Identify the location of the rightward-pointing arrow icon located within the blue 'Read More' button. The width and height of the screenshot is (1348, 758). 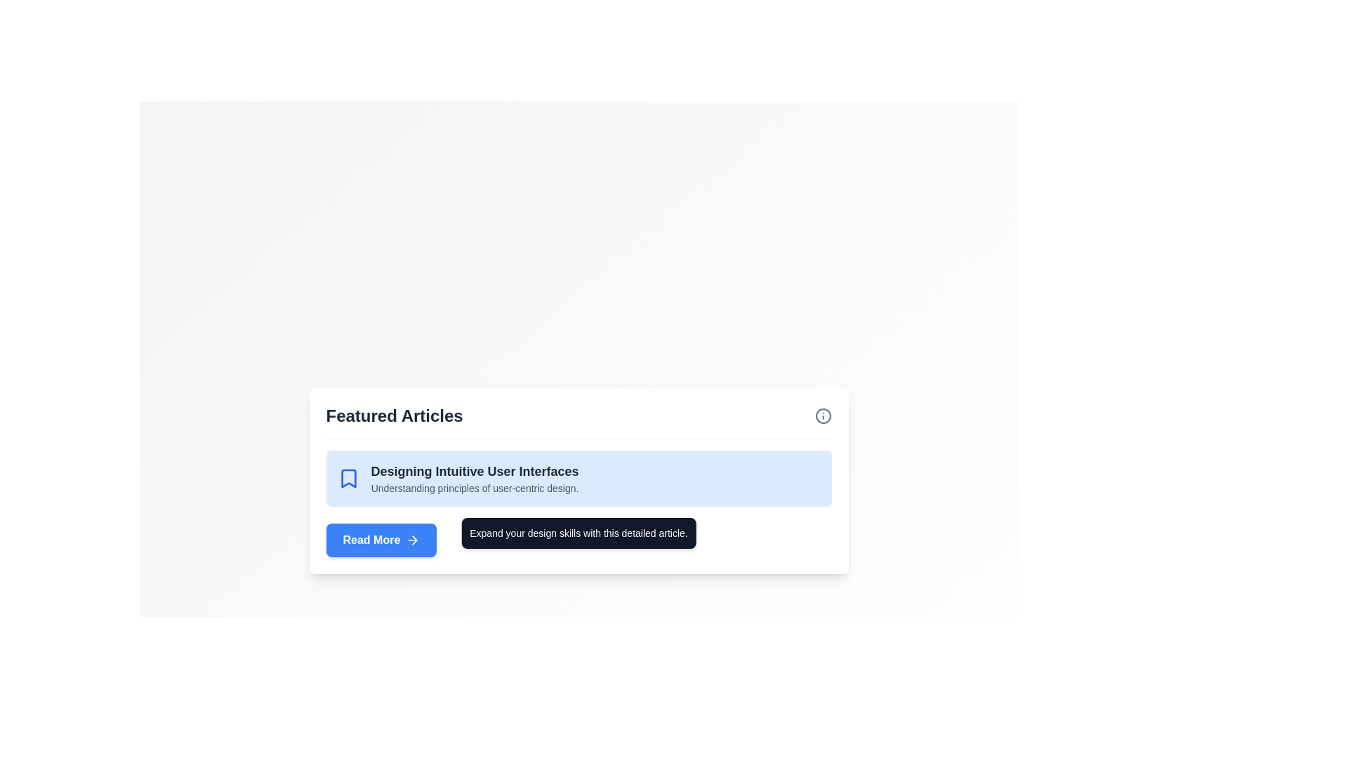
(412, 539).